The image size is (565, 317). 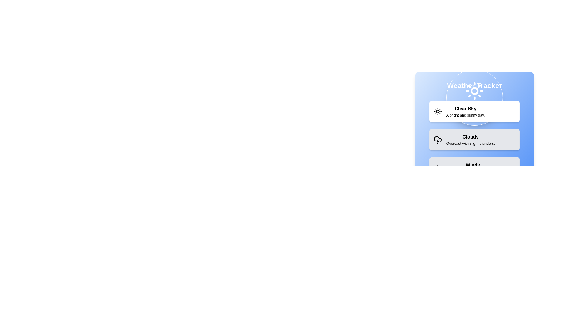 What do you see at coordinates (473, 165) in the screenshot?
I see `the Text label that serves as the title for the section providing information about 'Windy' weather conditions, located above the description text 'Strong breezy conditions ahead'` at bounding box center [473, 165].